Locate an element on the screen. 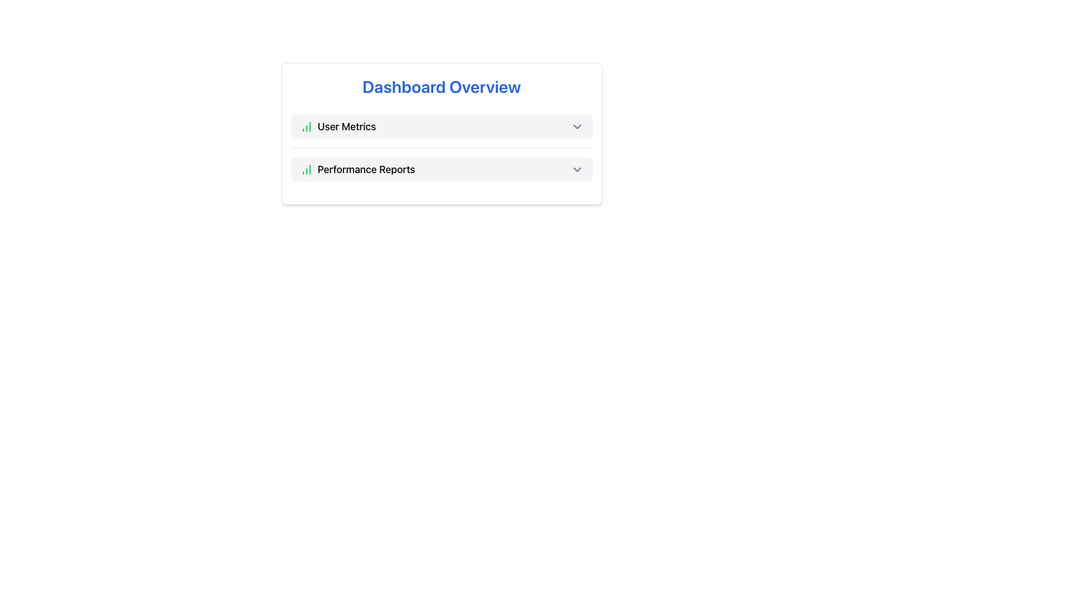  text displayed in the Text label for the user metrics section of the dashboard, positioned under 'Dashboard Overview' and aligned with a green chart icon is located at coordinates (346, 126).